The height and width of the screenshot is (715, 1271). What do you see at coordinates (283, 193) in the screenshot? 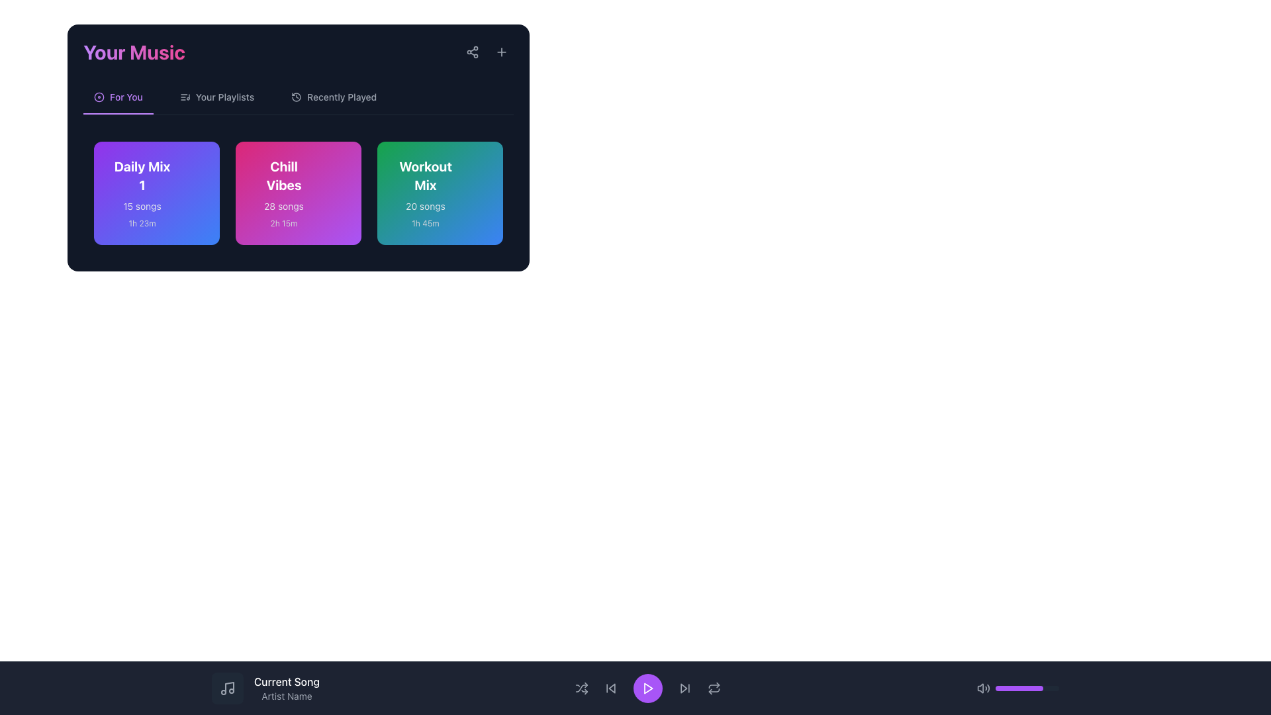
I see `the 'Chill Vibes' Playlist card, which is the second card from the left in a row of three cards` at bounding box center [283, 193].